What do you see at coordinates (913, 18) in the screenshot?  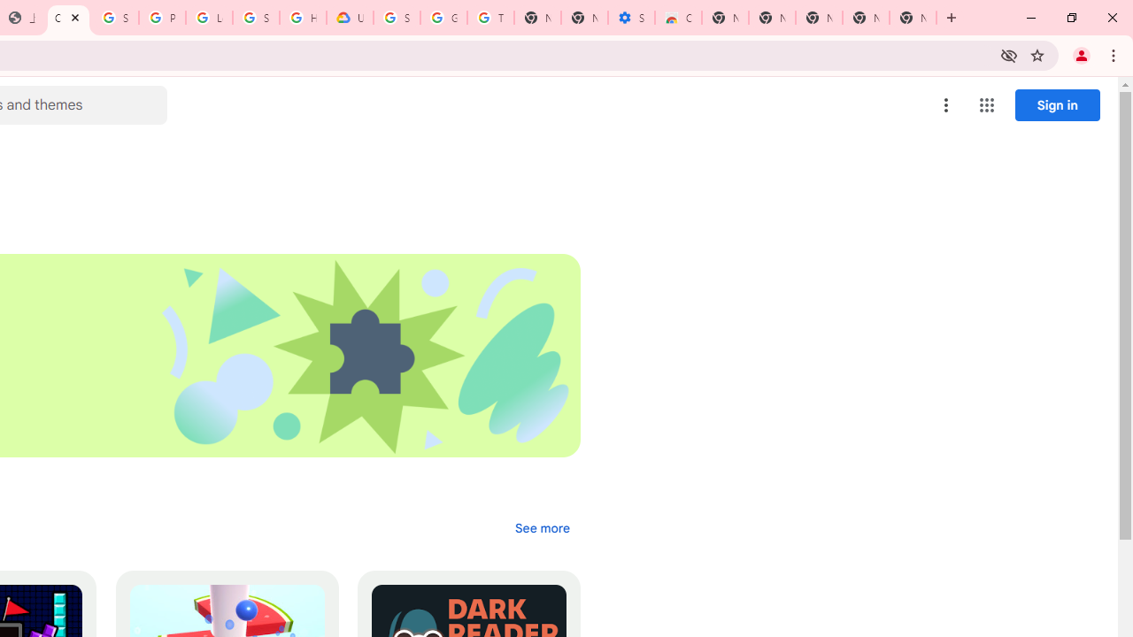 I see `'New Tab'` at bounding box center [913, 18].